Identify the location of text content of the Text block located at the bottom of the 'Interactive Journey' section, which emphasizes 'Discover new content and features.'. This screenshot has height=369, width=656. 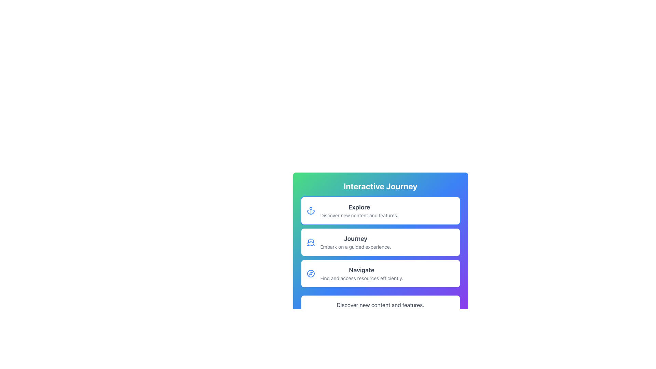
(380, 305).